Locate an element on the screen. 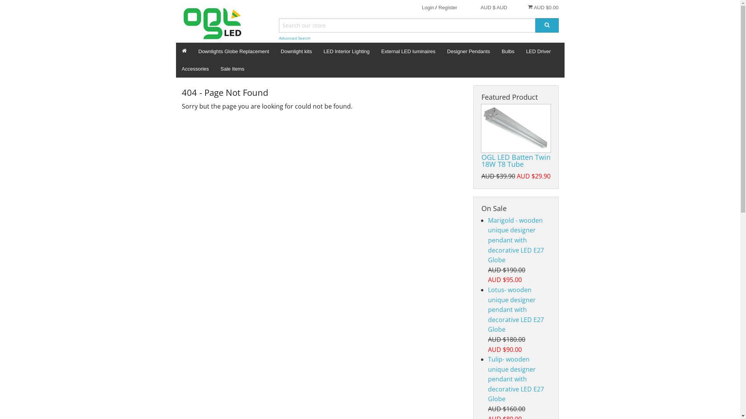 The width and height of the screenshot is (746, 419). 'AUD $0.00' is located at coordinates (542, 7).